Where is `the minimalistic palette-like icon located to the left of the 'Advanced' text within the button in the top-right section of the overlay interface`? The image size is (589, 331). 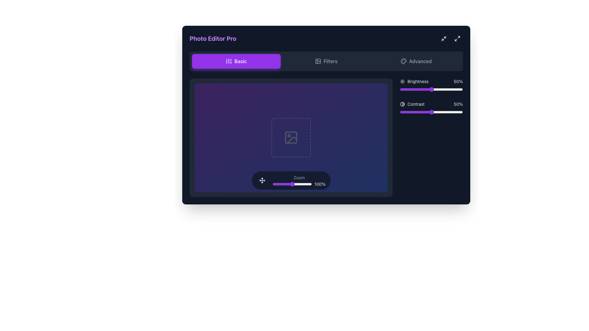 the minimalistic palette-like icon located to the left of the 'Advanced' text within the button in the top-right section of the overlay interface is located at coordinates (403, 61).